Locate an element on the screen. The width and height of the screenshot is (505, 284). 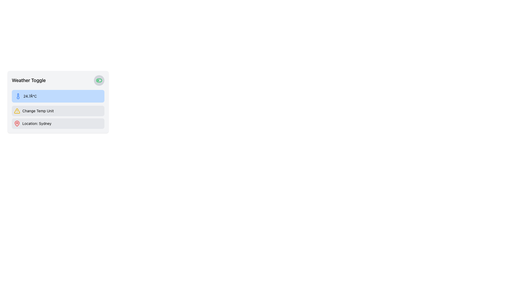
the weather icon located just left of the temperature text '24.7°C' in the blue rectangular section of the 'Weather Toggle' card is located at coordinates (18, 96).